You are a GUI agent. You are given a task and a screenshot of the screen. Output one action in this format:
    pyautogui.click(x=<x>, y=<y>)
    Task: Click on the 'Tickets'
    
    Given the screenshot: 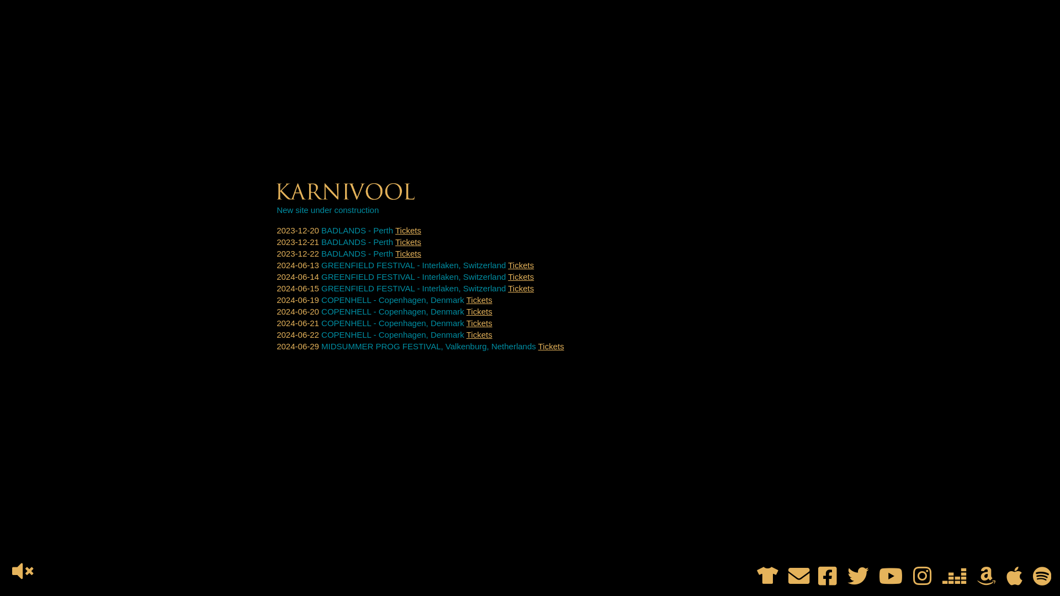 What is the action you would take?
    pyautogui.click(x=479, y=300)
    